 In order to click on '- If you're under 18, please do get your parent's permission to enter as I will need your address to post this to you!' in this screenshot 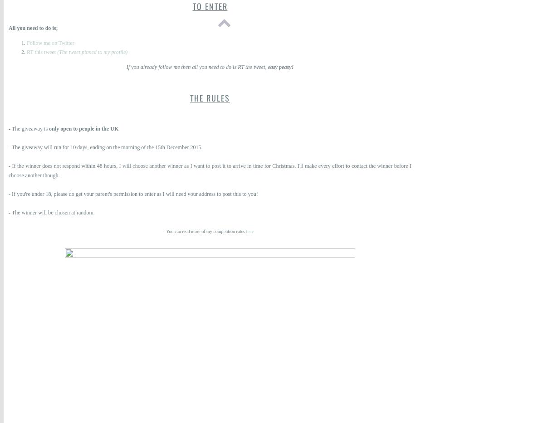, I will do `click(133, 193)`.